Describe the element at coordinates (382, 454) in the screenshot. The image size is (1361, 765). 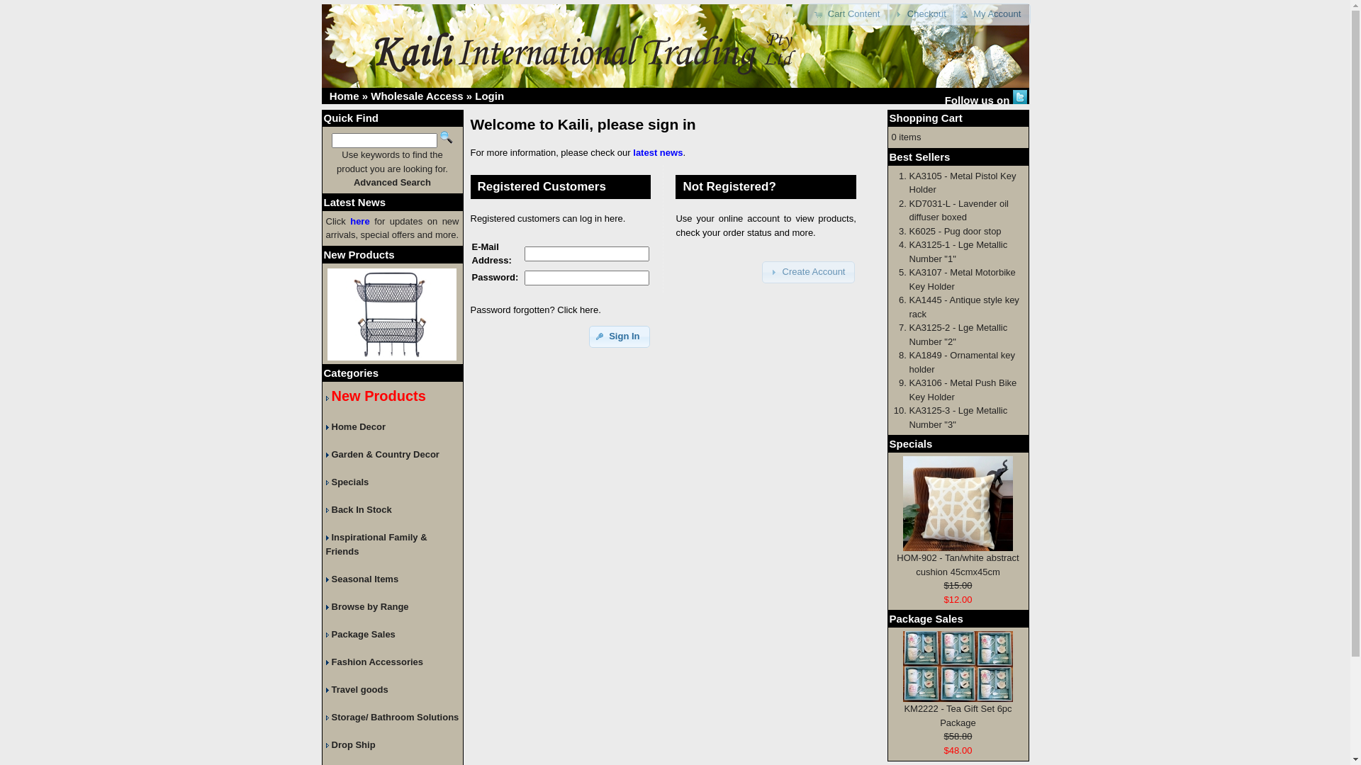
I see `'Garden & Country Decor'` at that location.